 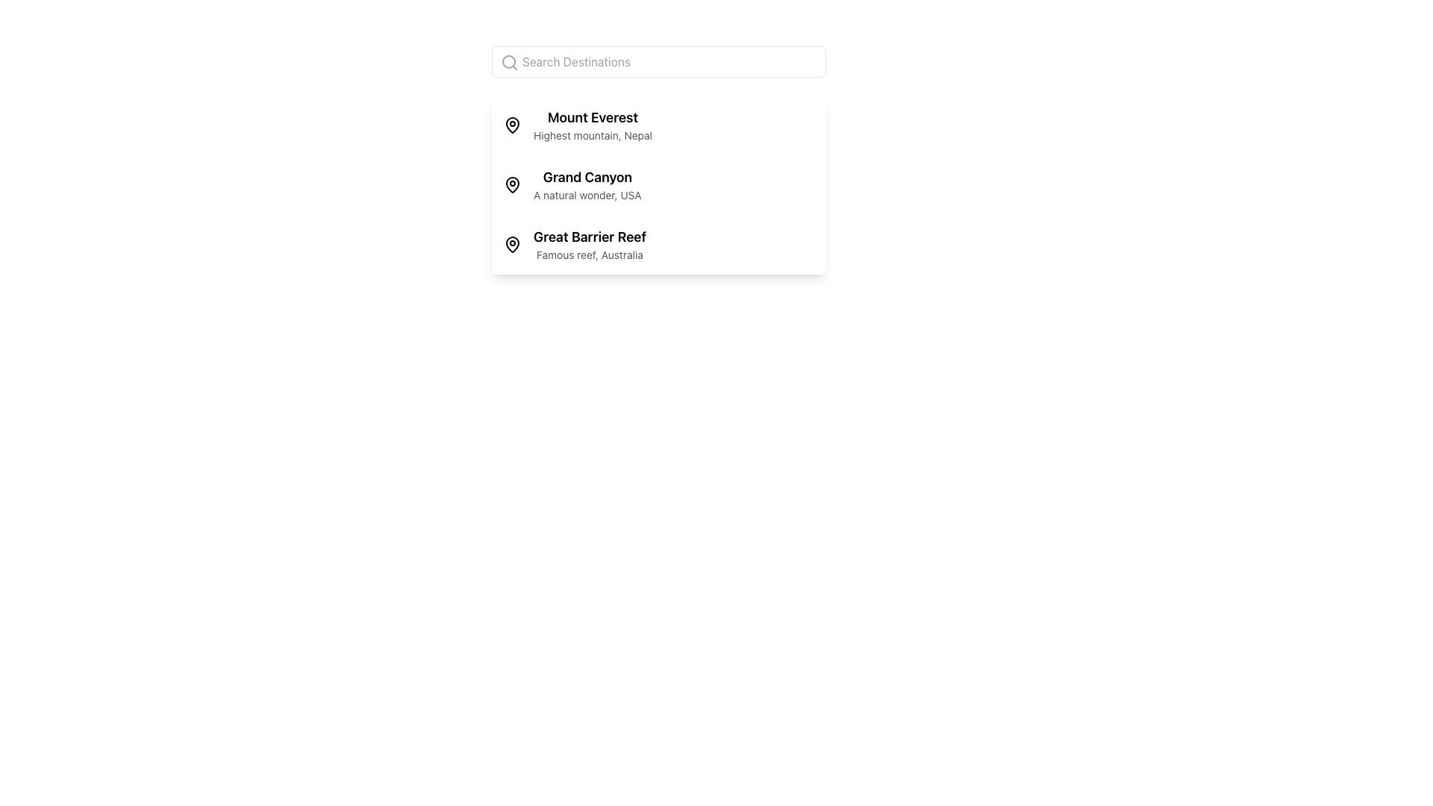 What do you see at coordinates (592, 117) in the screenshot?
I see `text 'Mount Everest' which serves as the title of the first destination entry in the vertical list` at bounding box center [592, 117].